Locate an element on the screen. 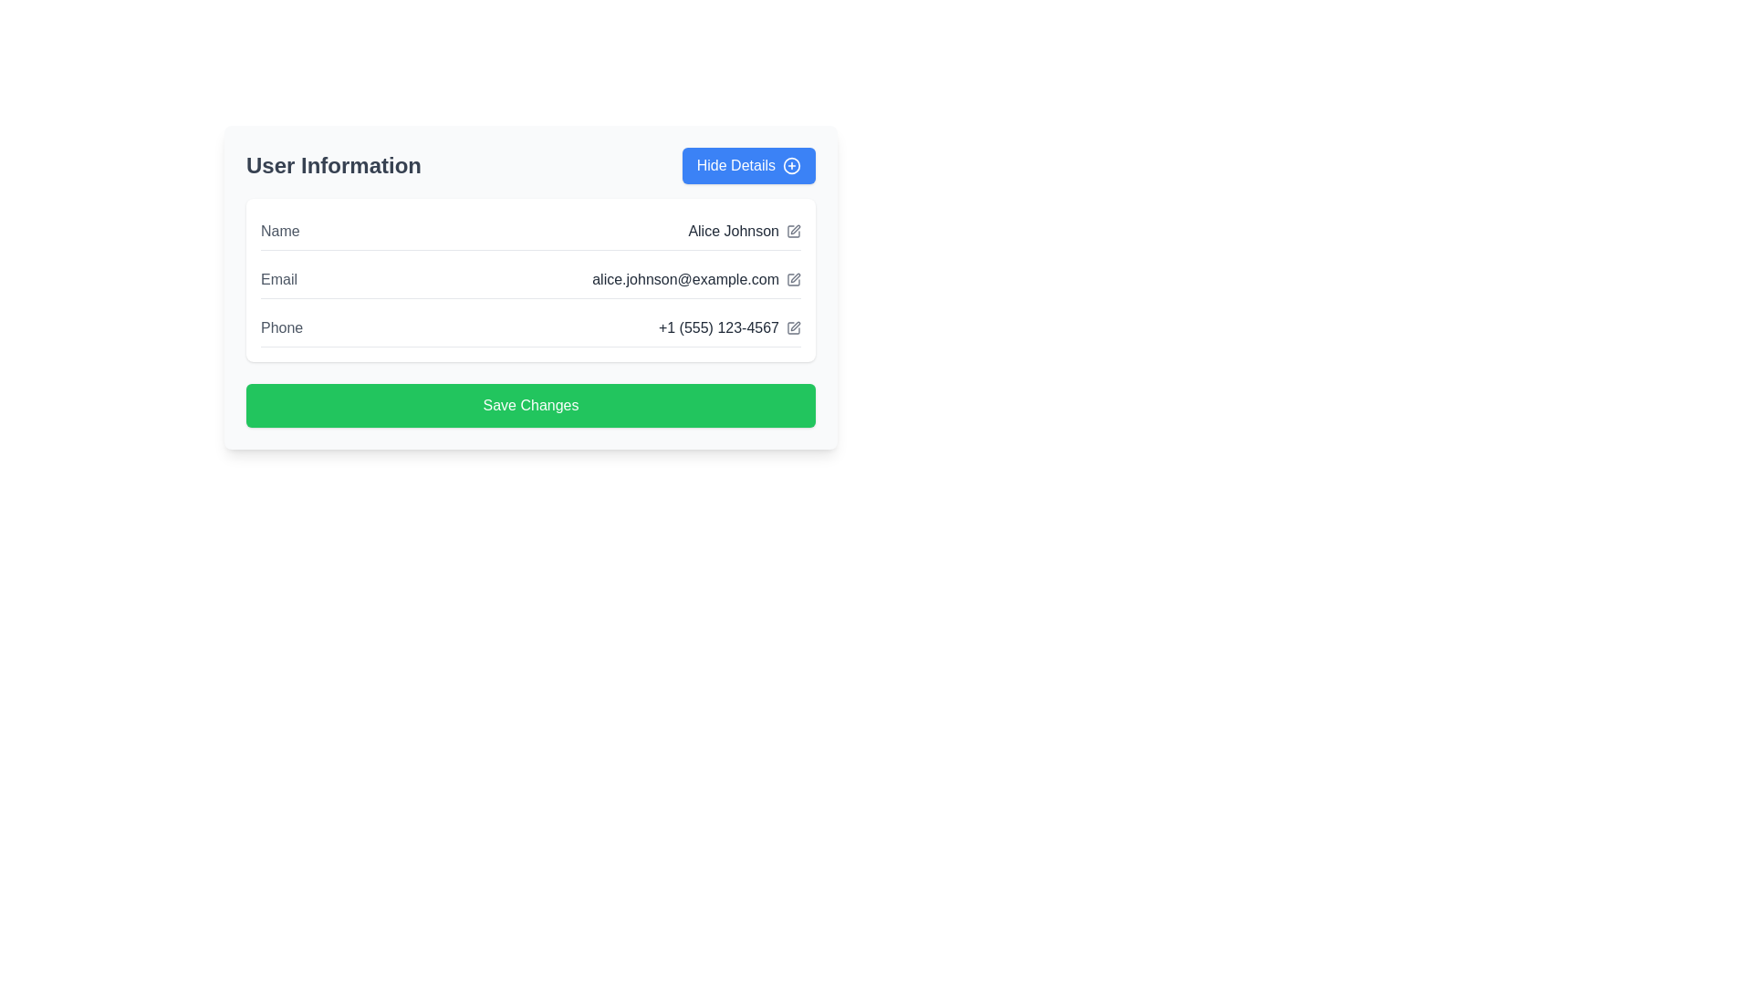 The height and width of the screenshot is (985, 1752). the edit icon button resembling a pencil and square graphic located to the far right of the phone number '+1 (555) 123-4567' to initiate editing the phone number is located at coordinates (793, 327).